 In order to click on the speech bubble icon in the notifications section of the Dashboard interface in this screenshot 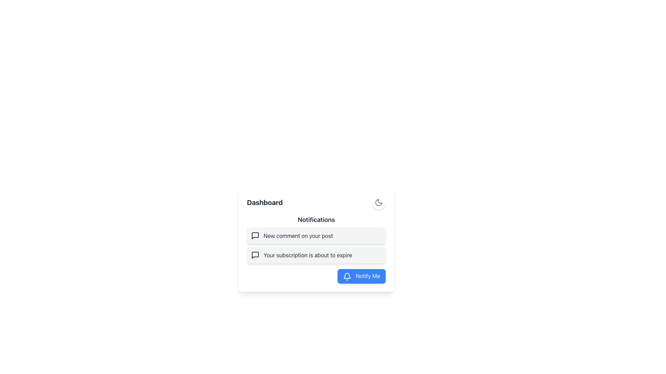, I will do `click(255, 235)`.